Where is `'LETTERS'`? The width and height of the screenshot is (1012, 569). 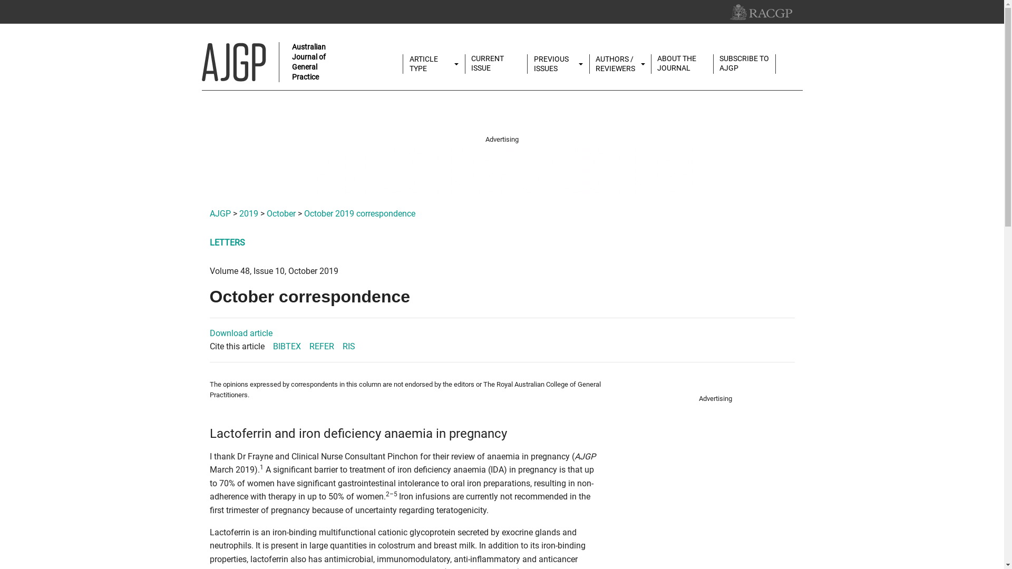 'LETTERS' is located at coordinates (227, 242).